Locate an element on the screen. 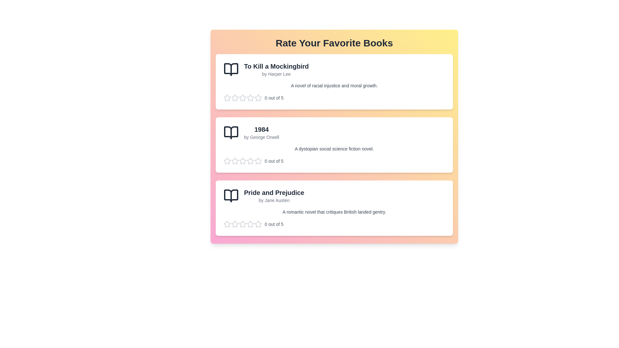  the open book icon that represents 'Pride and Prejudice' in the third entry of the vertically aligned list of book information cards is located at coordinates (231, 196).